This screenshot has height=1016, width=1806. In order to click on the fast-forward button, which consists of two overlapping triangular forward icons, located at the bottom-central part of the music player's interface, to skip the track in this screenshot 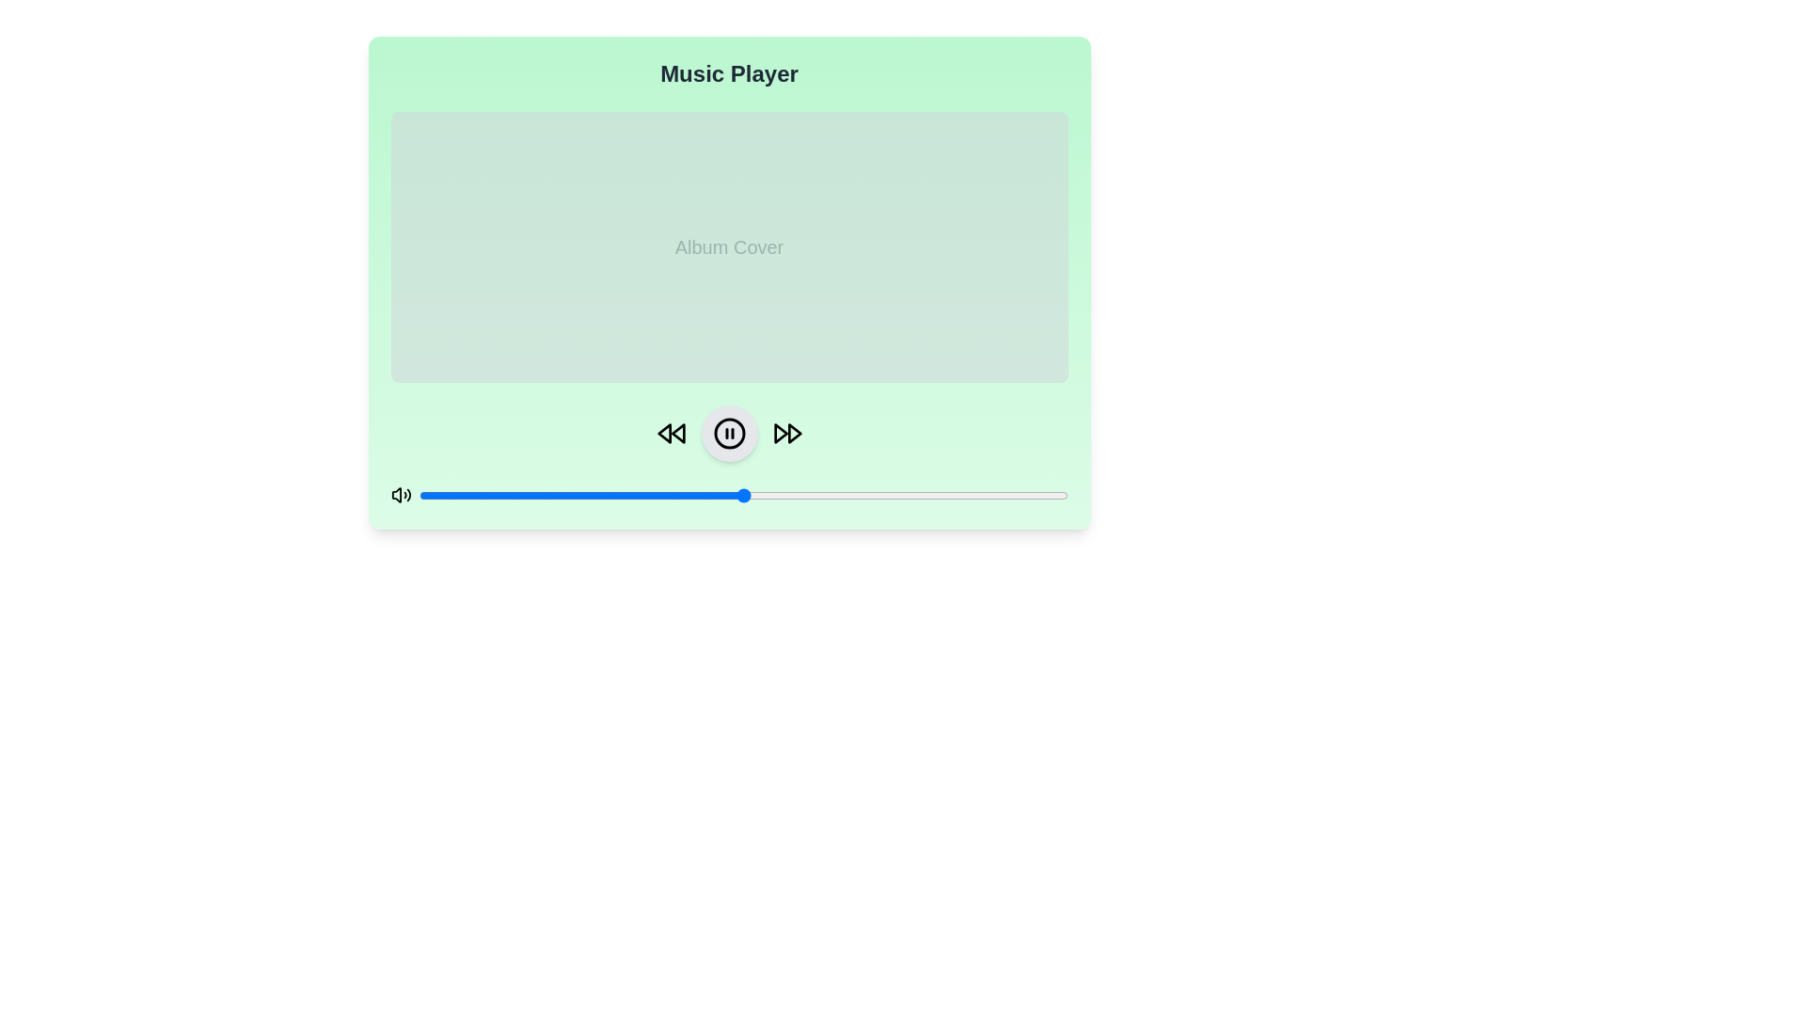, I will do `click(787, 434)`.